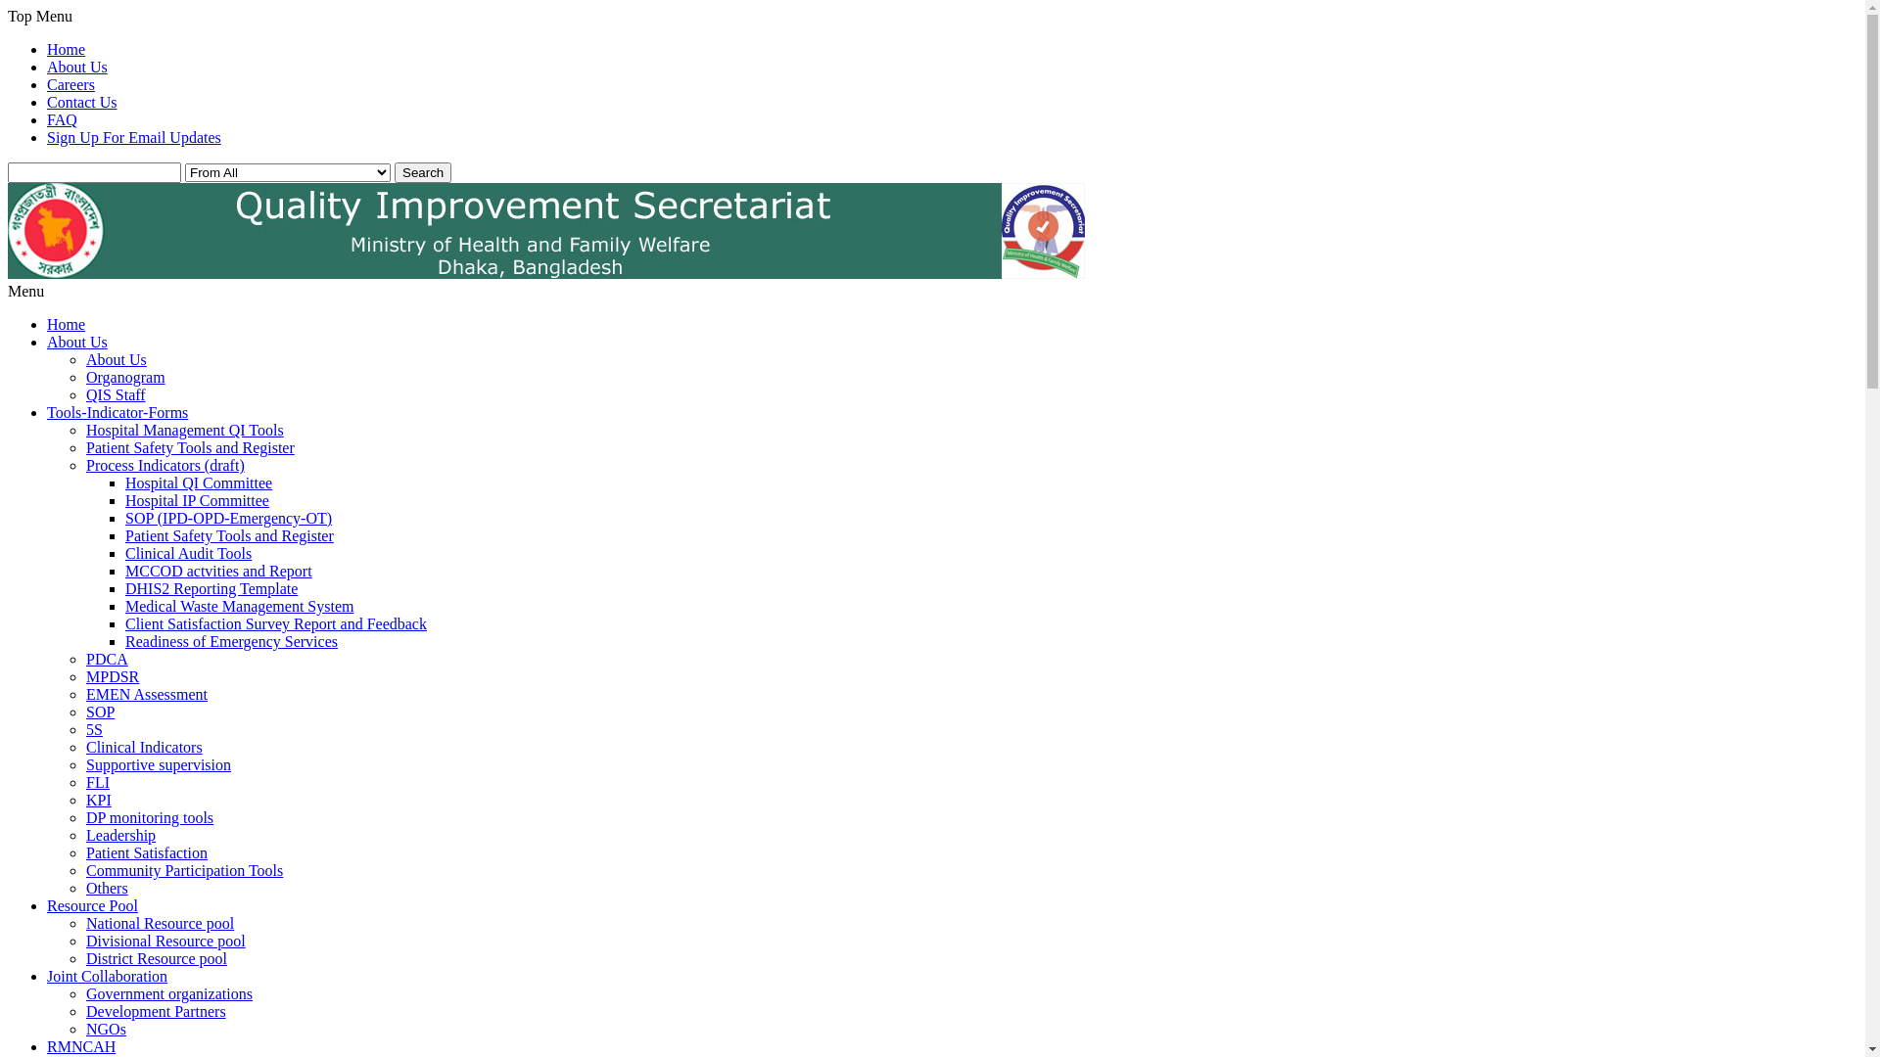 This screenshot has width=1880, height=1057. I want to click on 'Joint Collaboration', so click(47, 976).